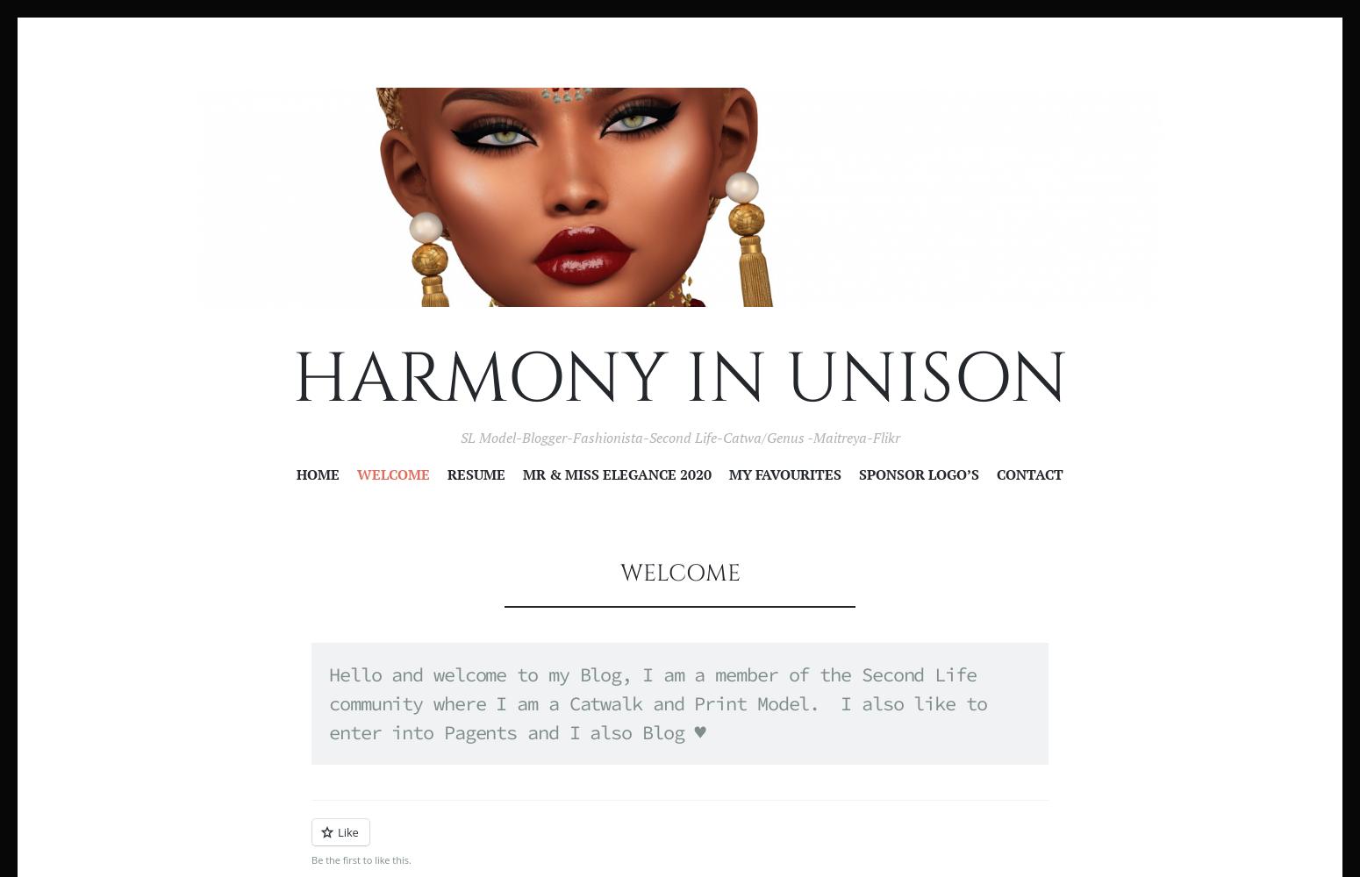  What do you see at coordinates (317, 474) in the screenshot?
I see `'Home'` at bounding box center [317, 474].